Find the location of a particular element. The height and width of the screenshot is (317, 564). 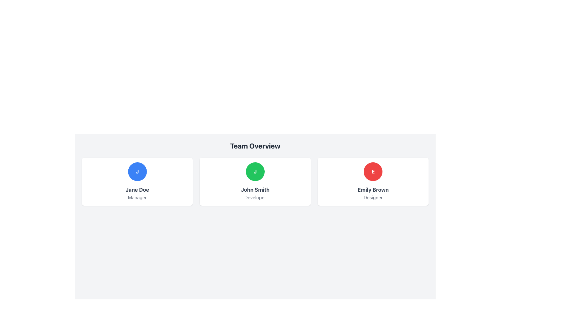

the text label displaying 'John Smith', which is styled in bold and gray, located beneath the circular green profile icon is located at coordinates (255, 190).